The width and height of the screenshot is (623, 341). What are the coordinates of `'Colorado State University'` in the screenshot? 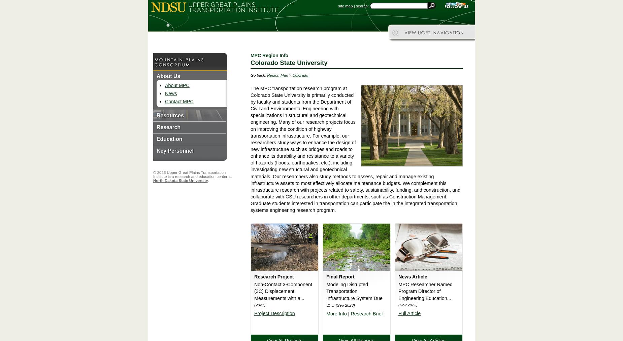 It's located at (289, 62).